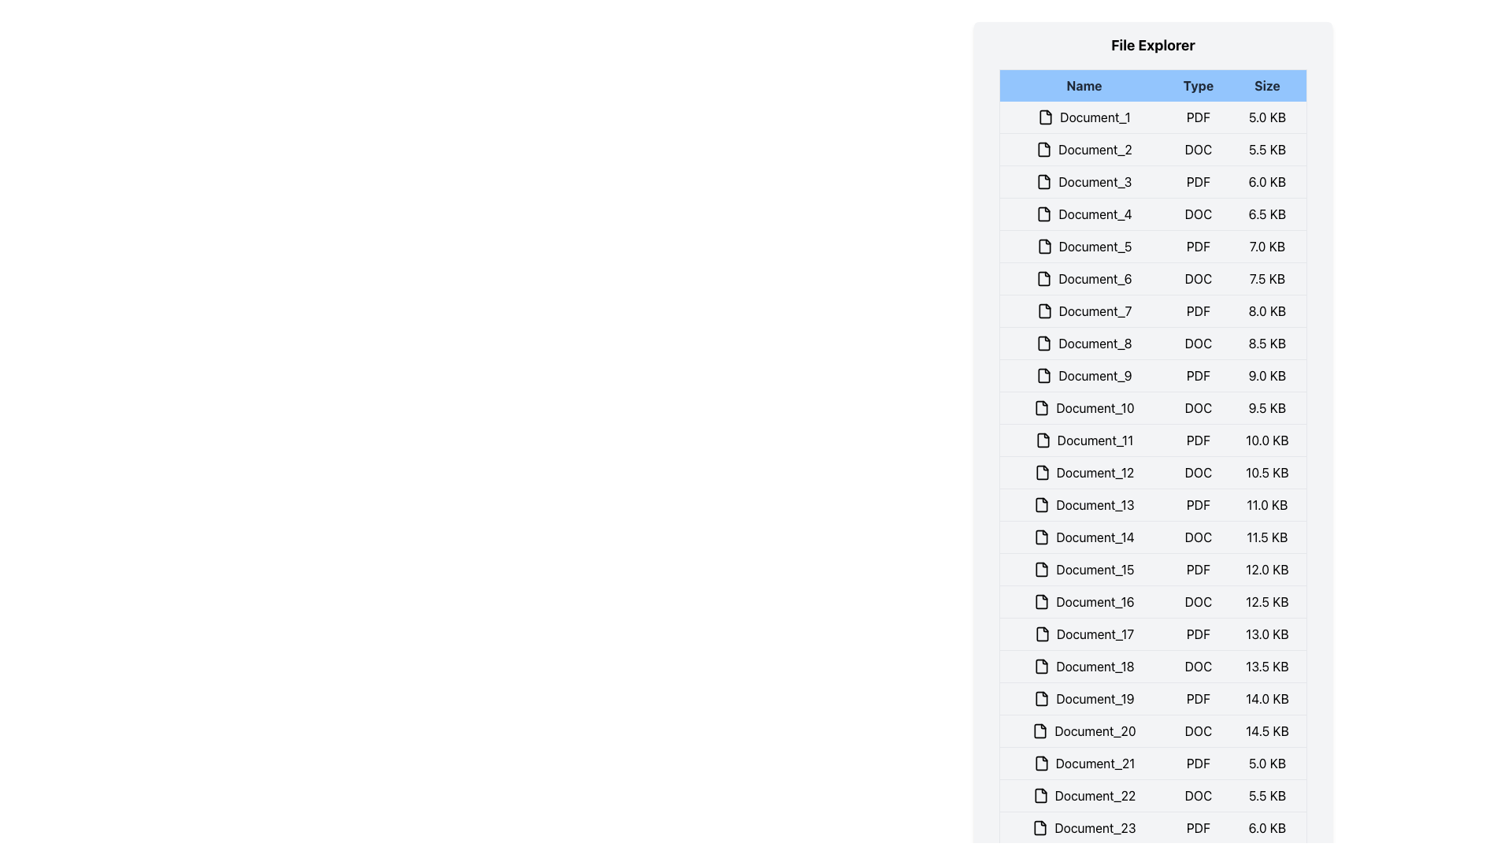  What do you see at coordinates (1042, 569) in the screenshot?
I see `the decorative document icon located to the immediate left of the 'Document_15' text label in the file explorer layout` at bounding box center [1042, 569].